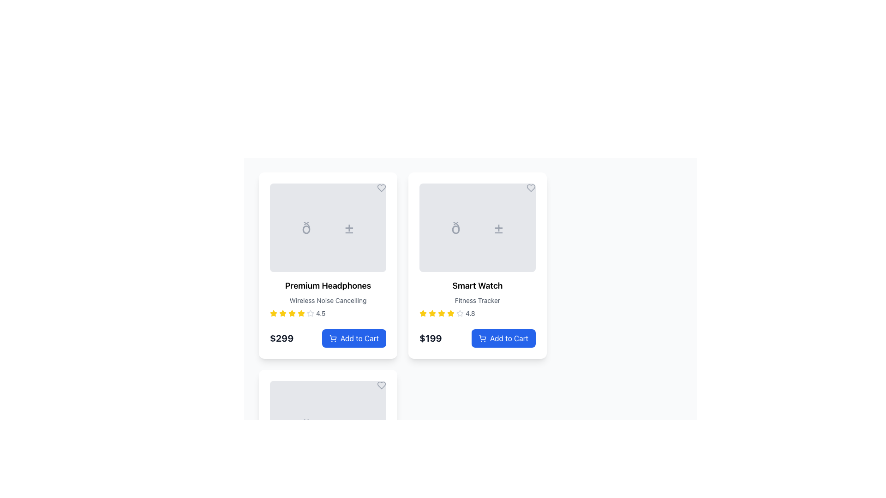 Image resolution: width=886 pixels, height=498 pixels. I want to click on the second yellow star icon in the 5-star rating system under the product name 'Smart Watch', so click(431, 313).